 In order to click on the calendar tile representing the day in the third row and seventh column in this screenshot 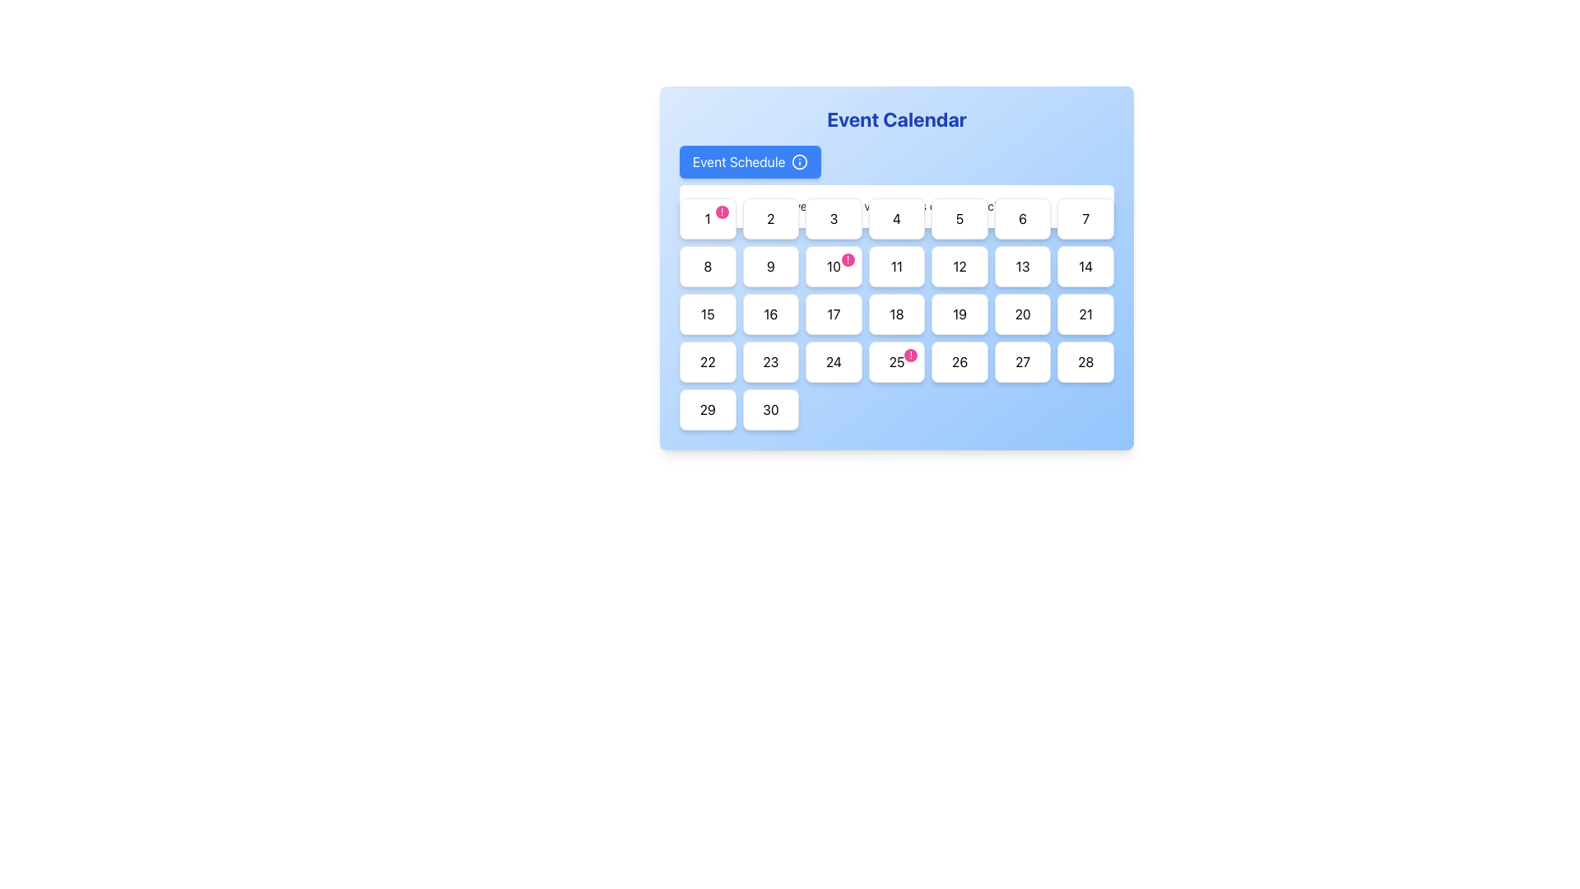, I will do `click(1022, 266)`.